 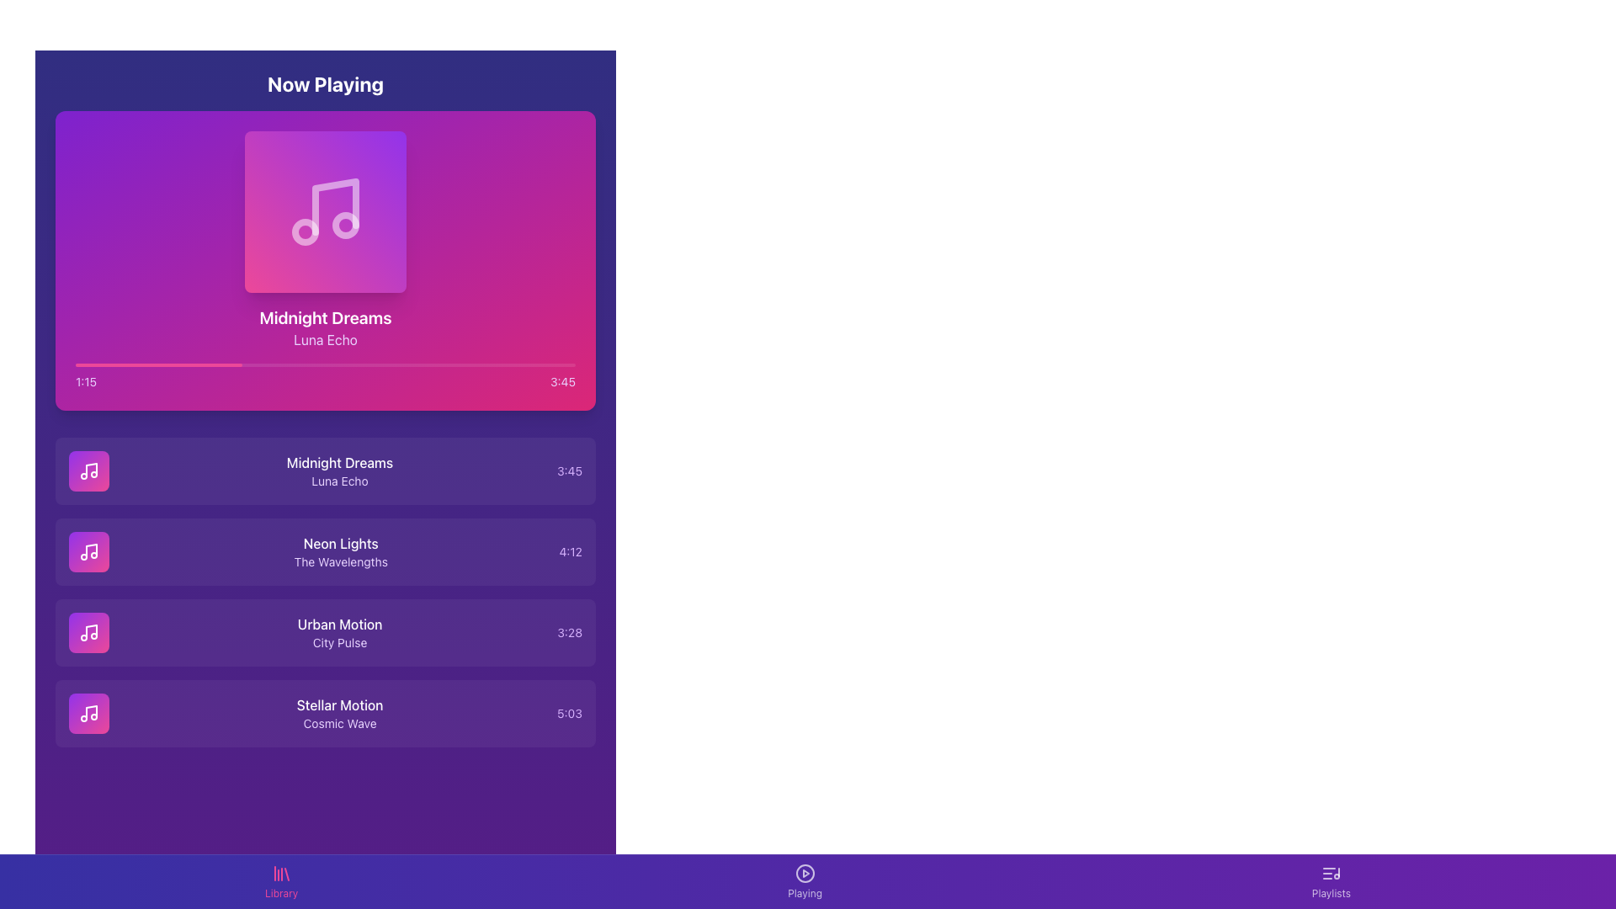 What do you see at coordinates (804, 872) in the screenshot?
I see `the navigation button for 'Playing' located in the bottom navigation bar` at bounding box center [804, 872].